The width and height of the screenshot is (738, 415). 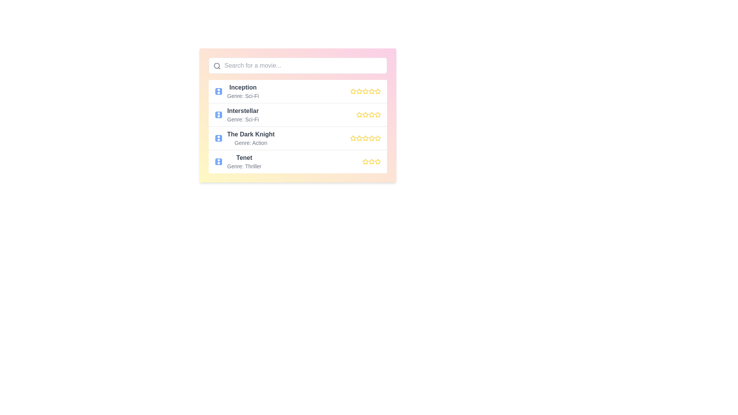 What do you see at coordinates (365, 91) in the screenshot?
I see `the fourth star icon in the rating row for the movie 'Inception' by selecting it to register a rating` at bounding box center [365, 91].